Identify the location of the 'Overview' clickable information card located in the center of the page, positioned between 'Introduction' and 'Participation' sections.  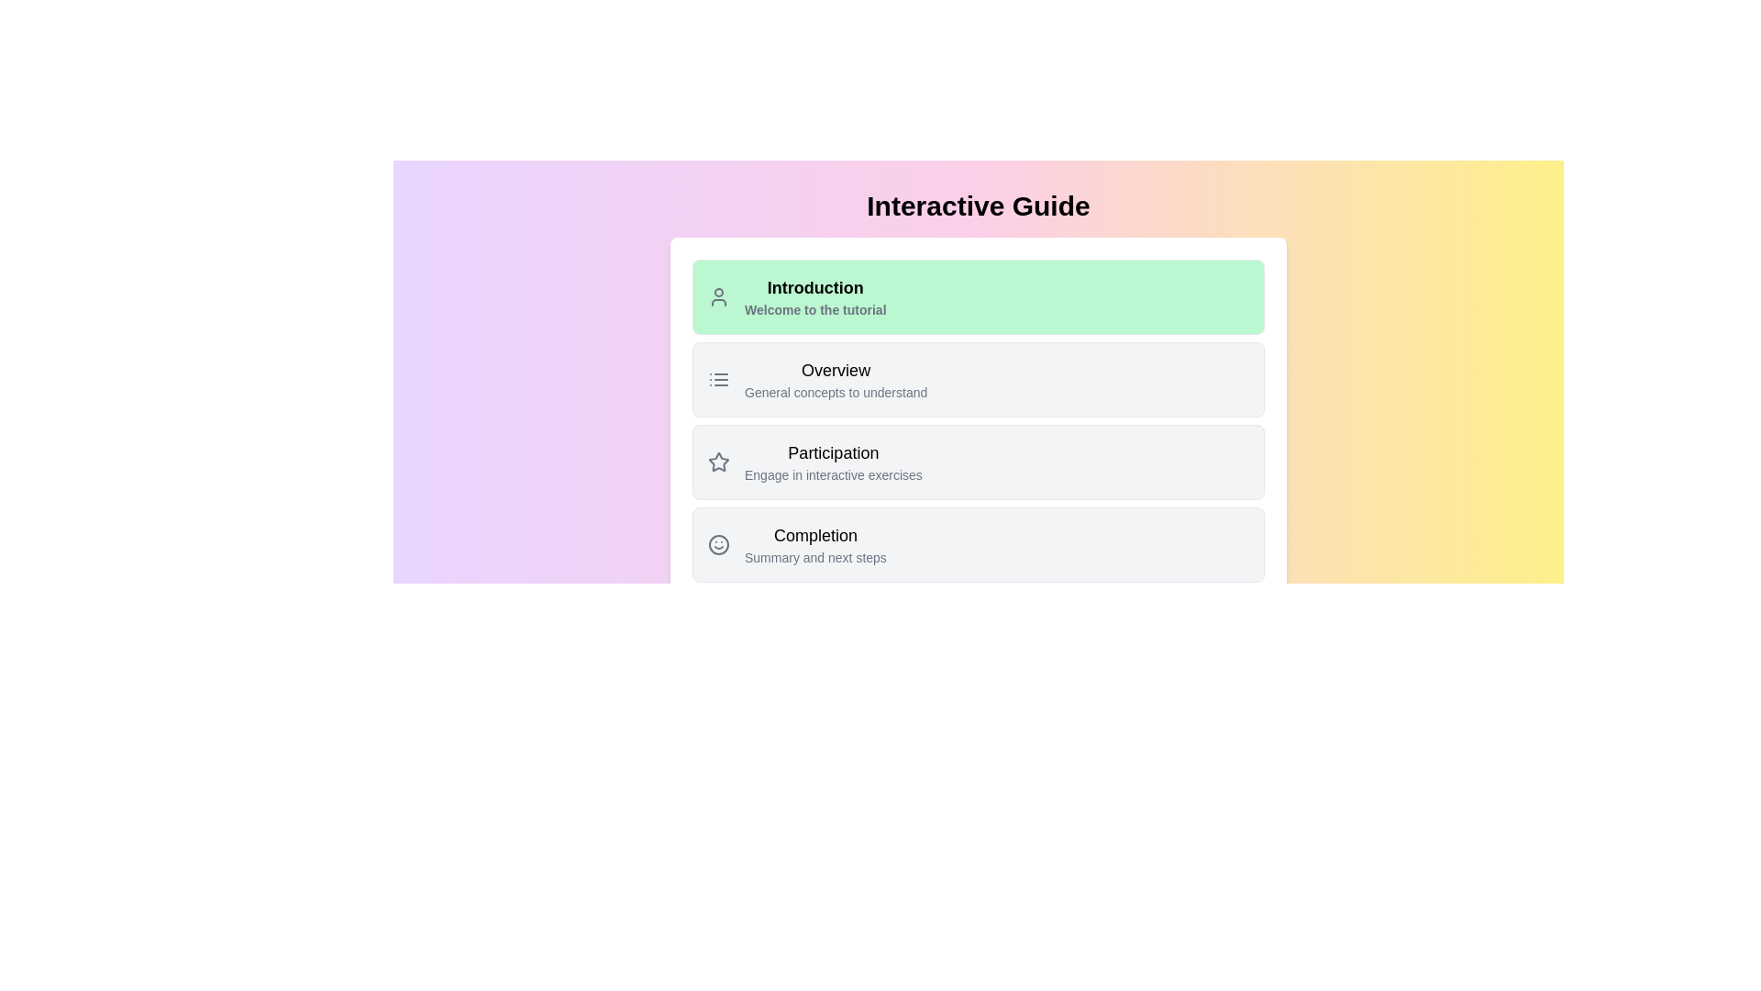
(977, 378).